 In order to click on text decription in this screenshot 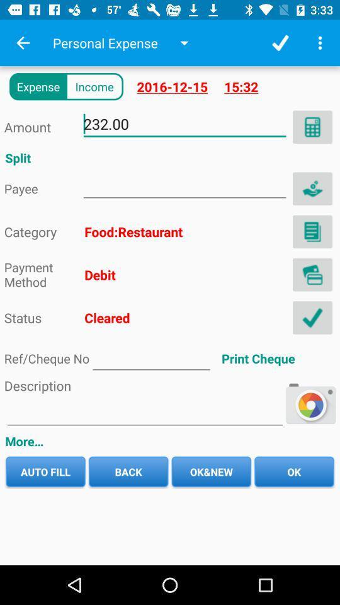, I will do `click(144, 412)`.